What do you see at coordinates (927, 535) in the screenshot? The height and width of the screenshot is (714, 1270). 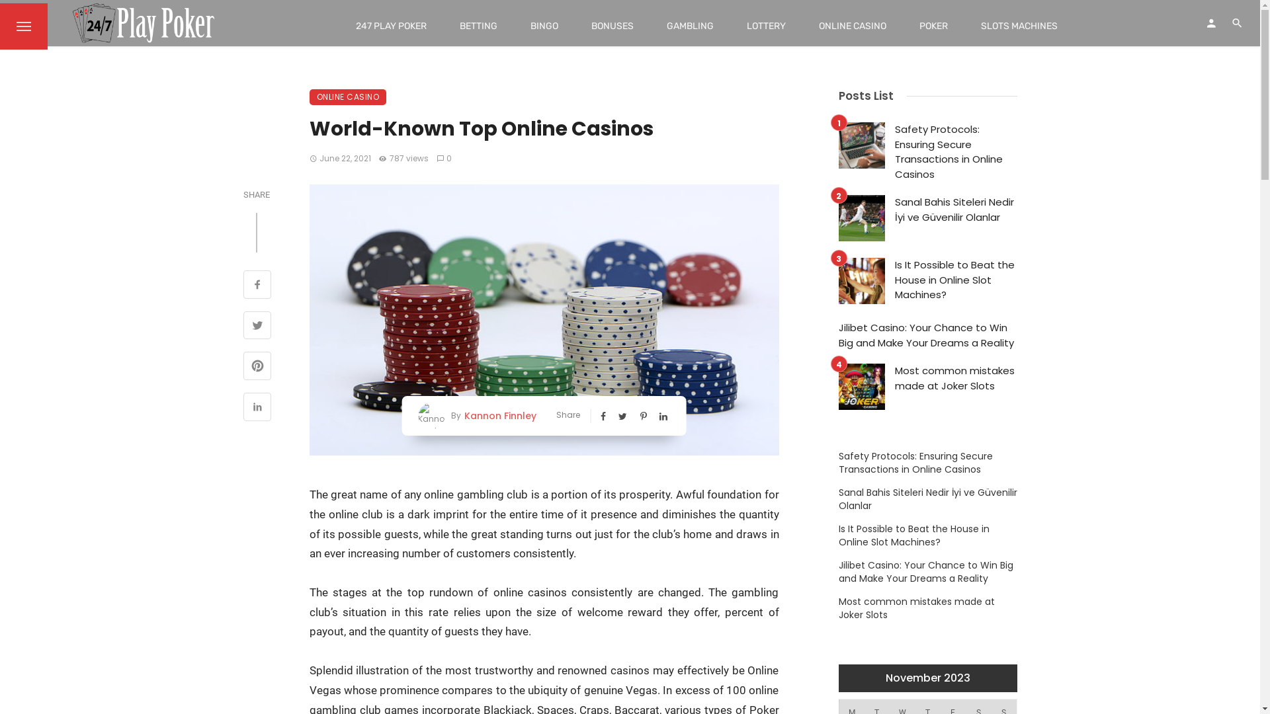 I see `'Is It Possible to Beat the House in Online Slot Machines?'` at bounding box center [927, 535].